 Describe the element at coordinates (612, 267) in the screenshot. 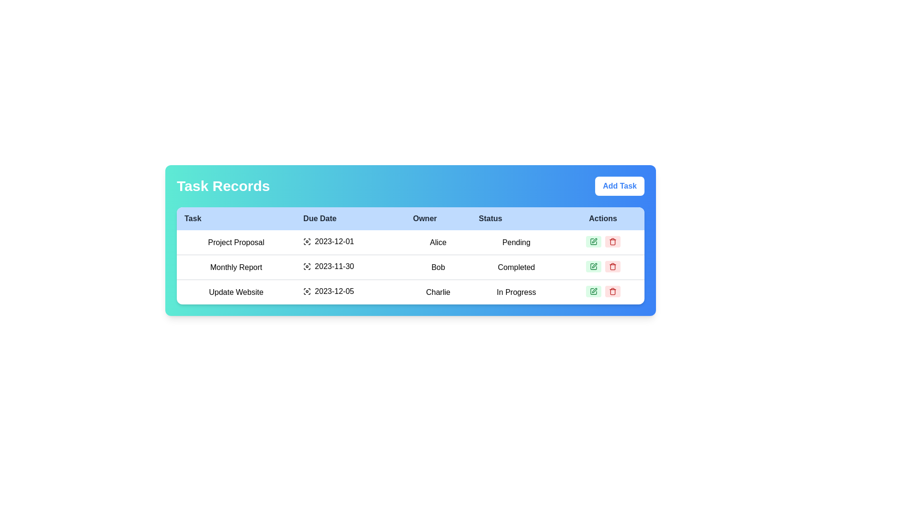

I see `the rectangular lower part of the trash can icon, which represents the delete functionality, located in the 'Actions' column of the highest row in the table` at that location.